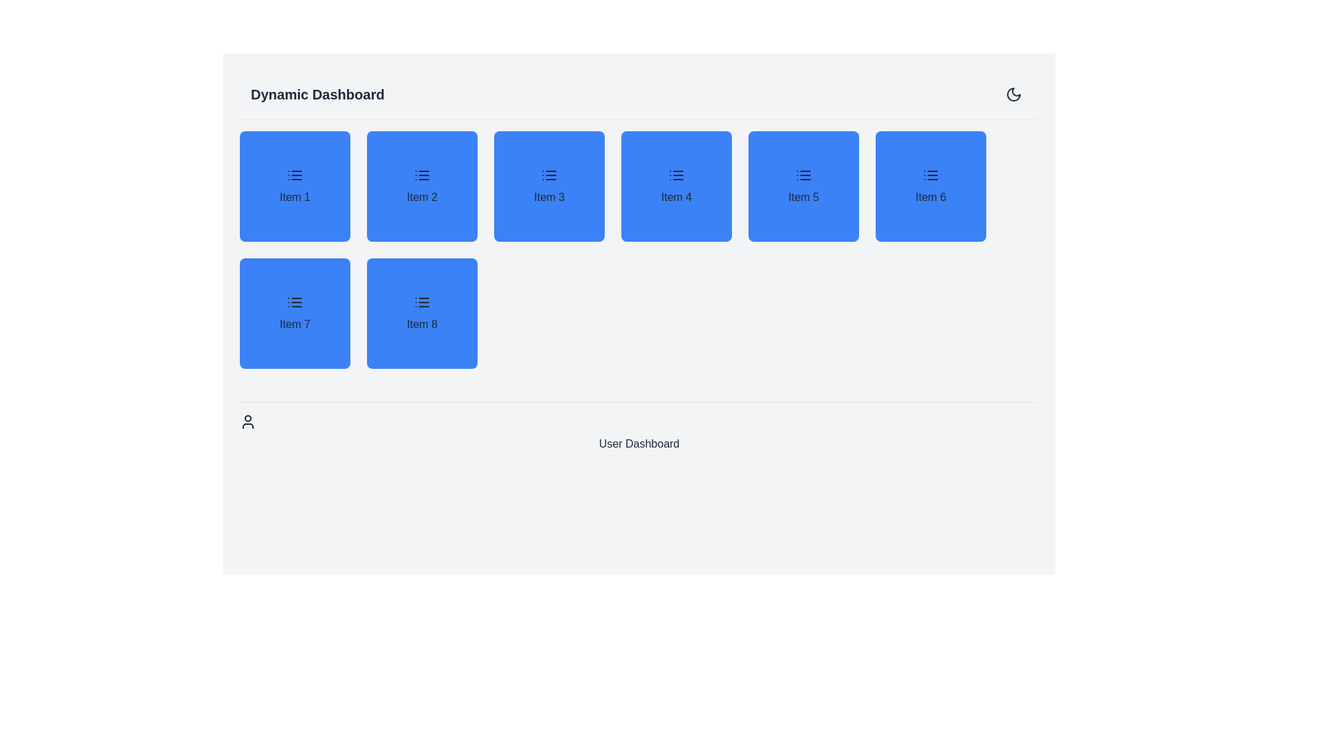 This screenshot has height=746, width=1327. Describe the element at coordinates (677, 197) in the screenshot. I see `text label 'Item 4' displayed in bold font within a blue rounded rectangle located in the fourth column of the grid layout` at that location.